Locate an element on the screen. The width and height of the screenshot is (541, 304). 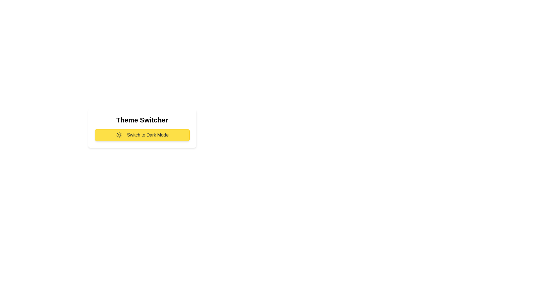
the button labeled 'Switch to Dark Mode' to toggle the theme is located at coordinates (142, 135).